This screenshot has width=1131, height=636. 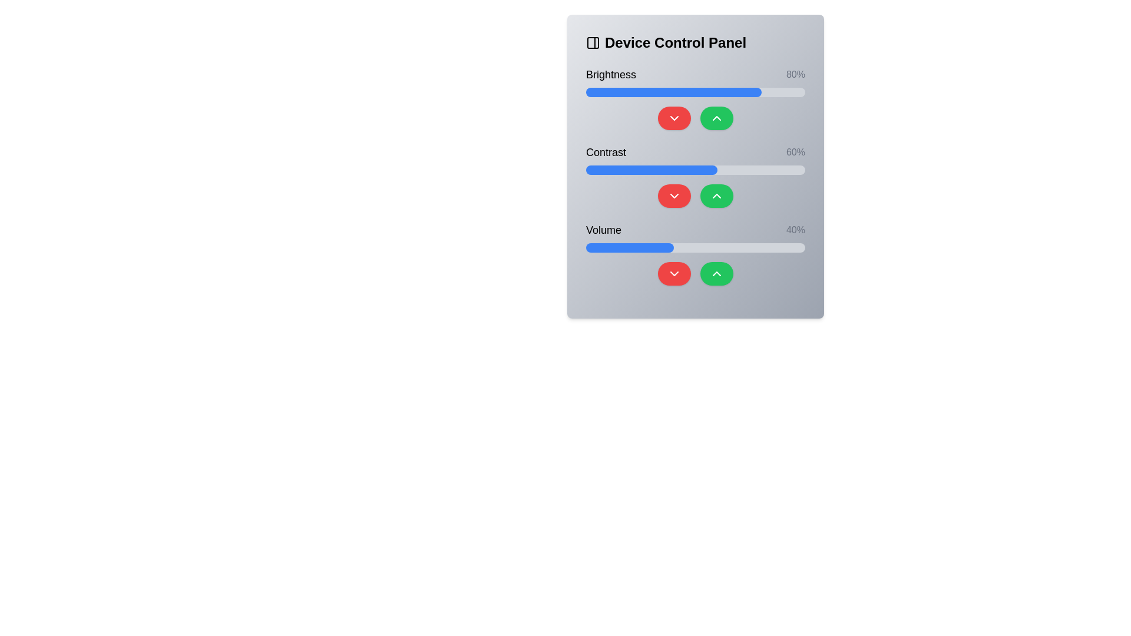 I want to click on the volume down button located in the 'Volume' section of the Device Control Panel, so click(x=674, y=274).